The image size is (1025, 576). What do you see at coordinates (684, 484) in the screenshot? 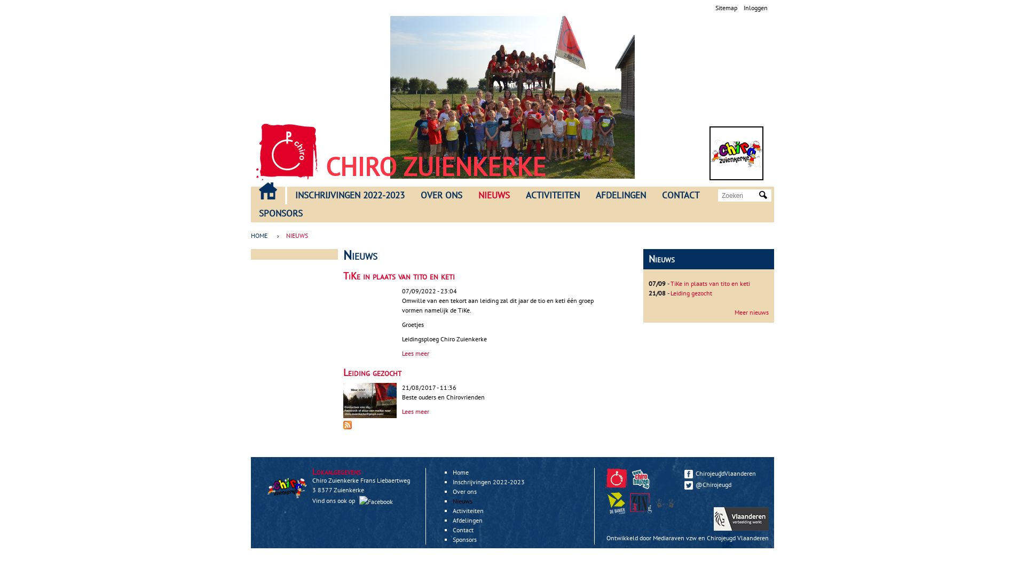
I see `'@Chirojeugd'` at bounding box center [684, 484].